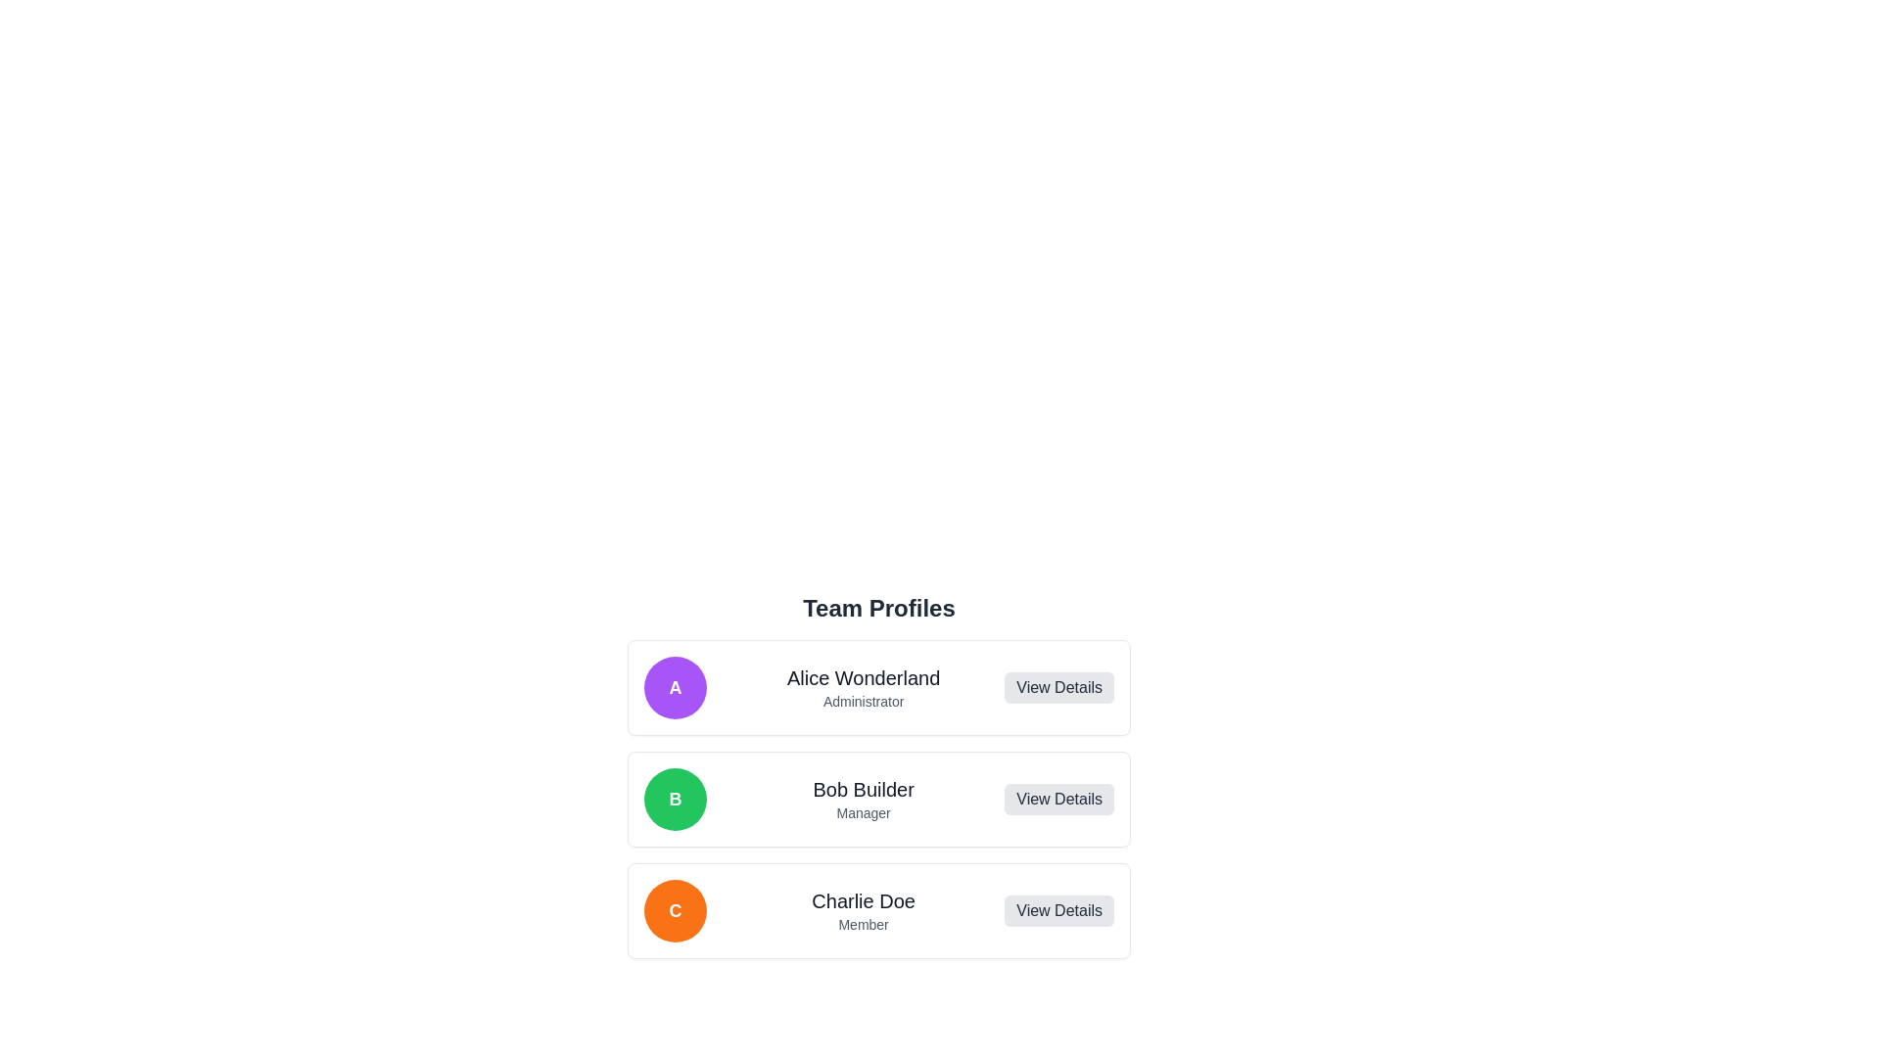  What do you see at coordinates (863, 910) in the screenshot?
I see `the text display that shows the name 'Charlie Doe' and role 'Member' in the third row of the 'Team Profiles' section, located between the circular orange avatar and the 'View Details' button` at bounding box center [863, 910].